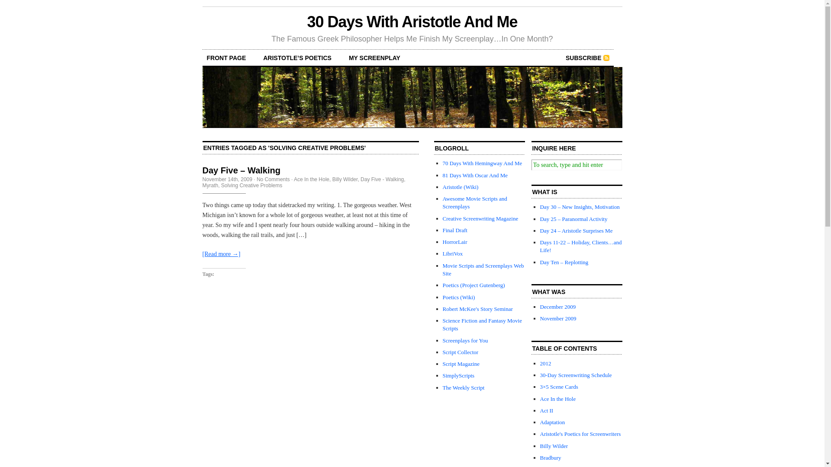 This screenshot has width=831, height=467. Describe the element at coordinates (540, 306) in the screenshot. I see `'December 2009'` at that location.